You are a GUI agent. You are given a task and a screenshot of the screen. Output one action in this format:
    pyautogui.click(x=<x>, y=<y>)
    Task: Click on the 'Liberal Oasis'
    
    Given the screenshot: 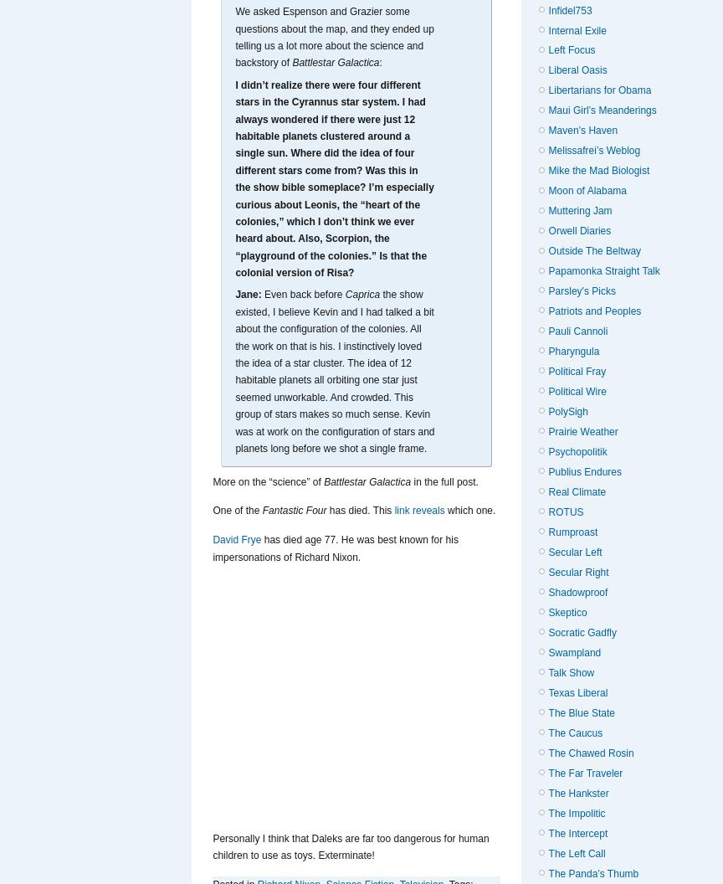 What is the action you would take?
    pyautogui.click(x=577, y=69)
    